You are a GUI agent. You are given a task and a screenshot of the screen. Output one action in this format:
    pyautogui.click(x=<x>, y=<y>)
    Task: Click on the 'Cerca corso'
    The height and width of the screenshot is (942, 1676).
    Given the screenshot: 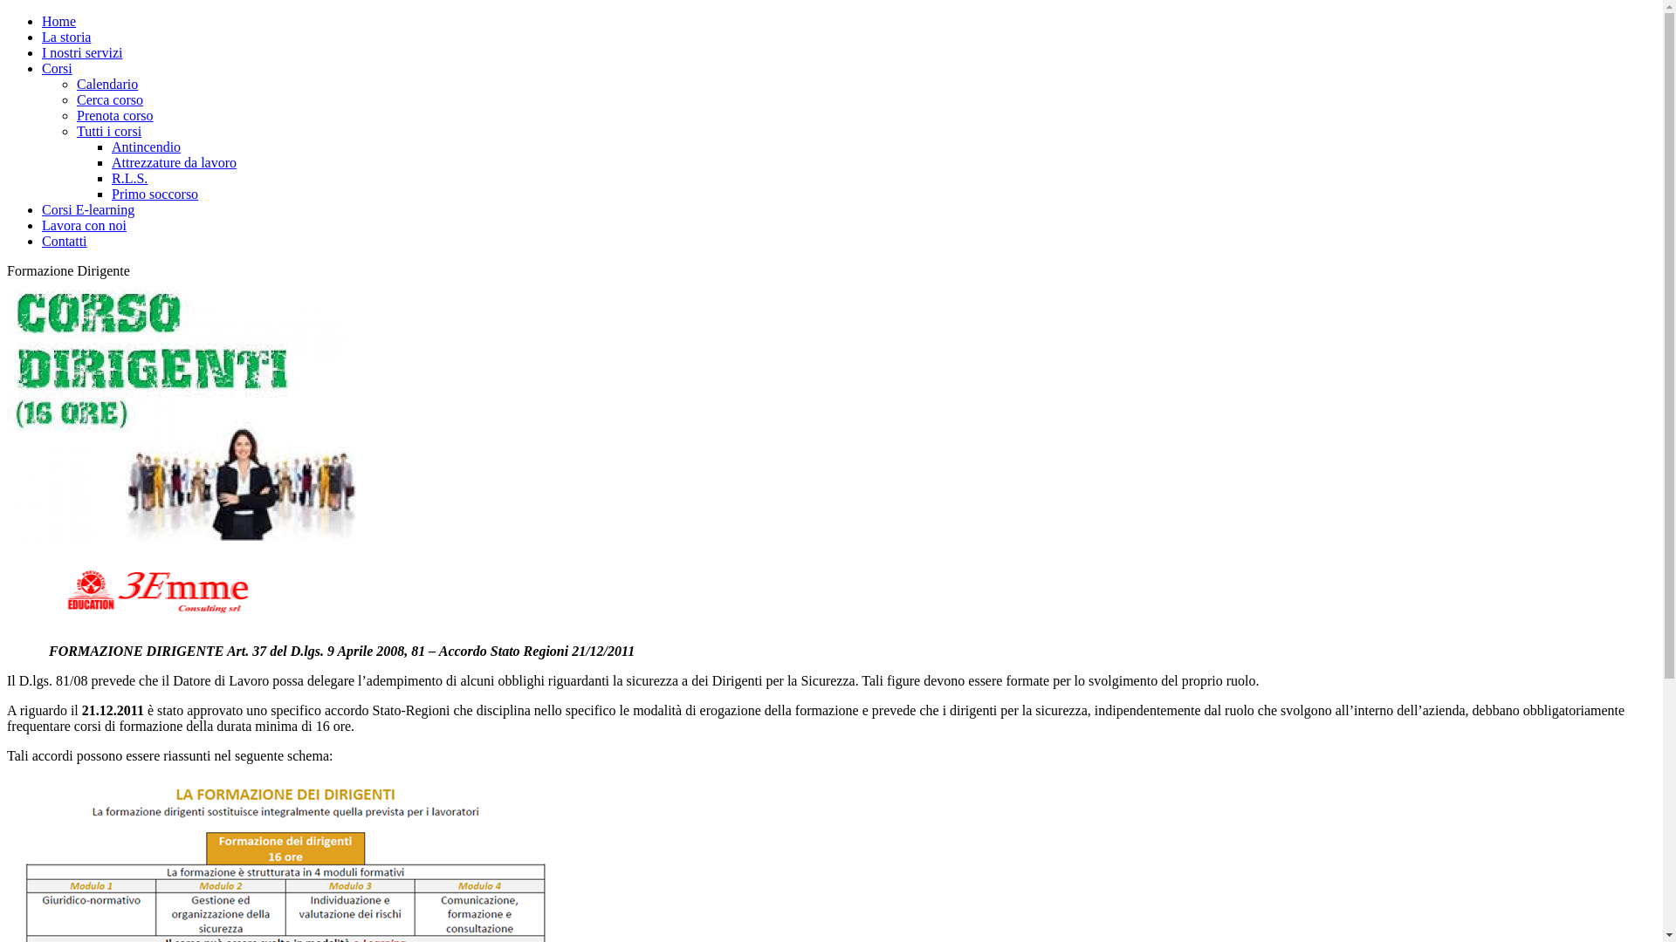 What is the action you would take?
    pyautogui.click(x=75, y=99)
    